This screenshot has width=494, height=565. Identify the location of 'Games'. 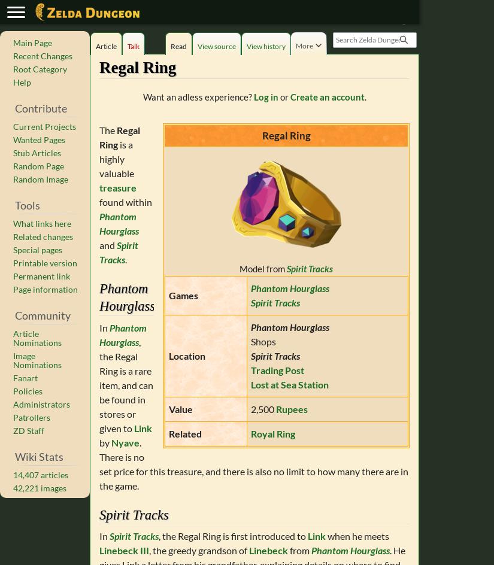
(183, 295).